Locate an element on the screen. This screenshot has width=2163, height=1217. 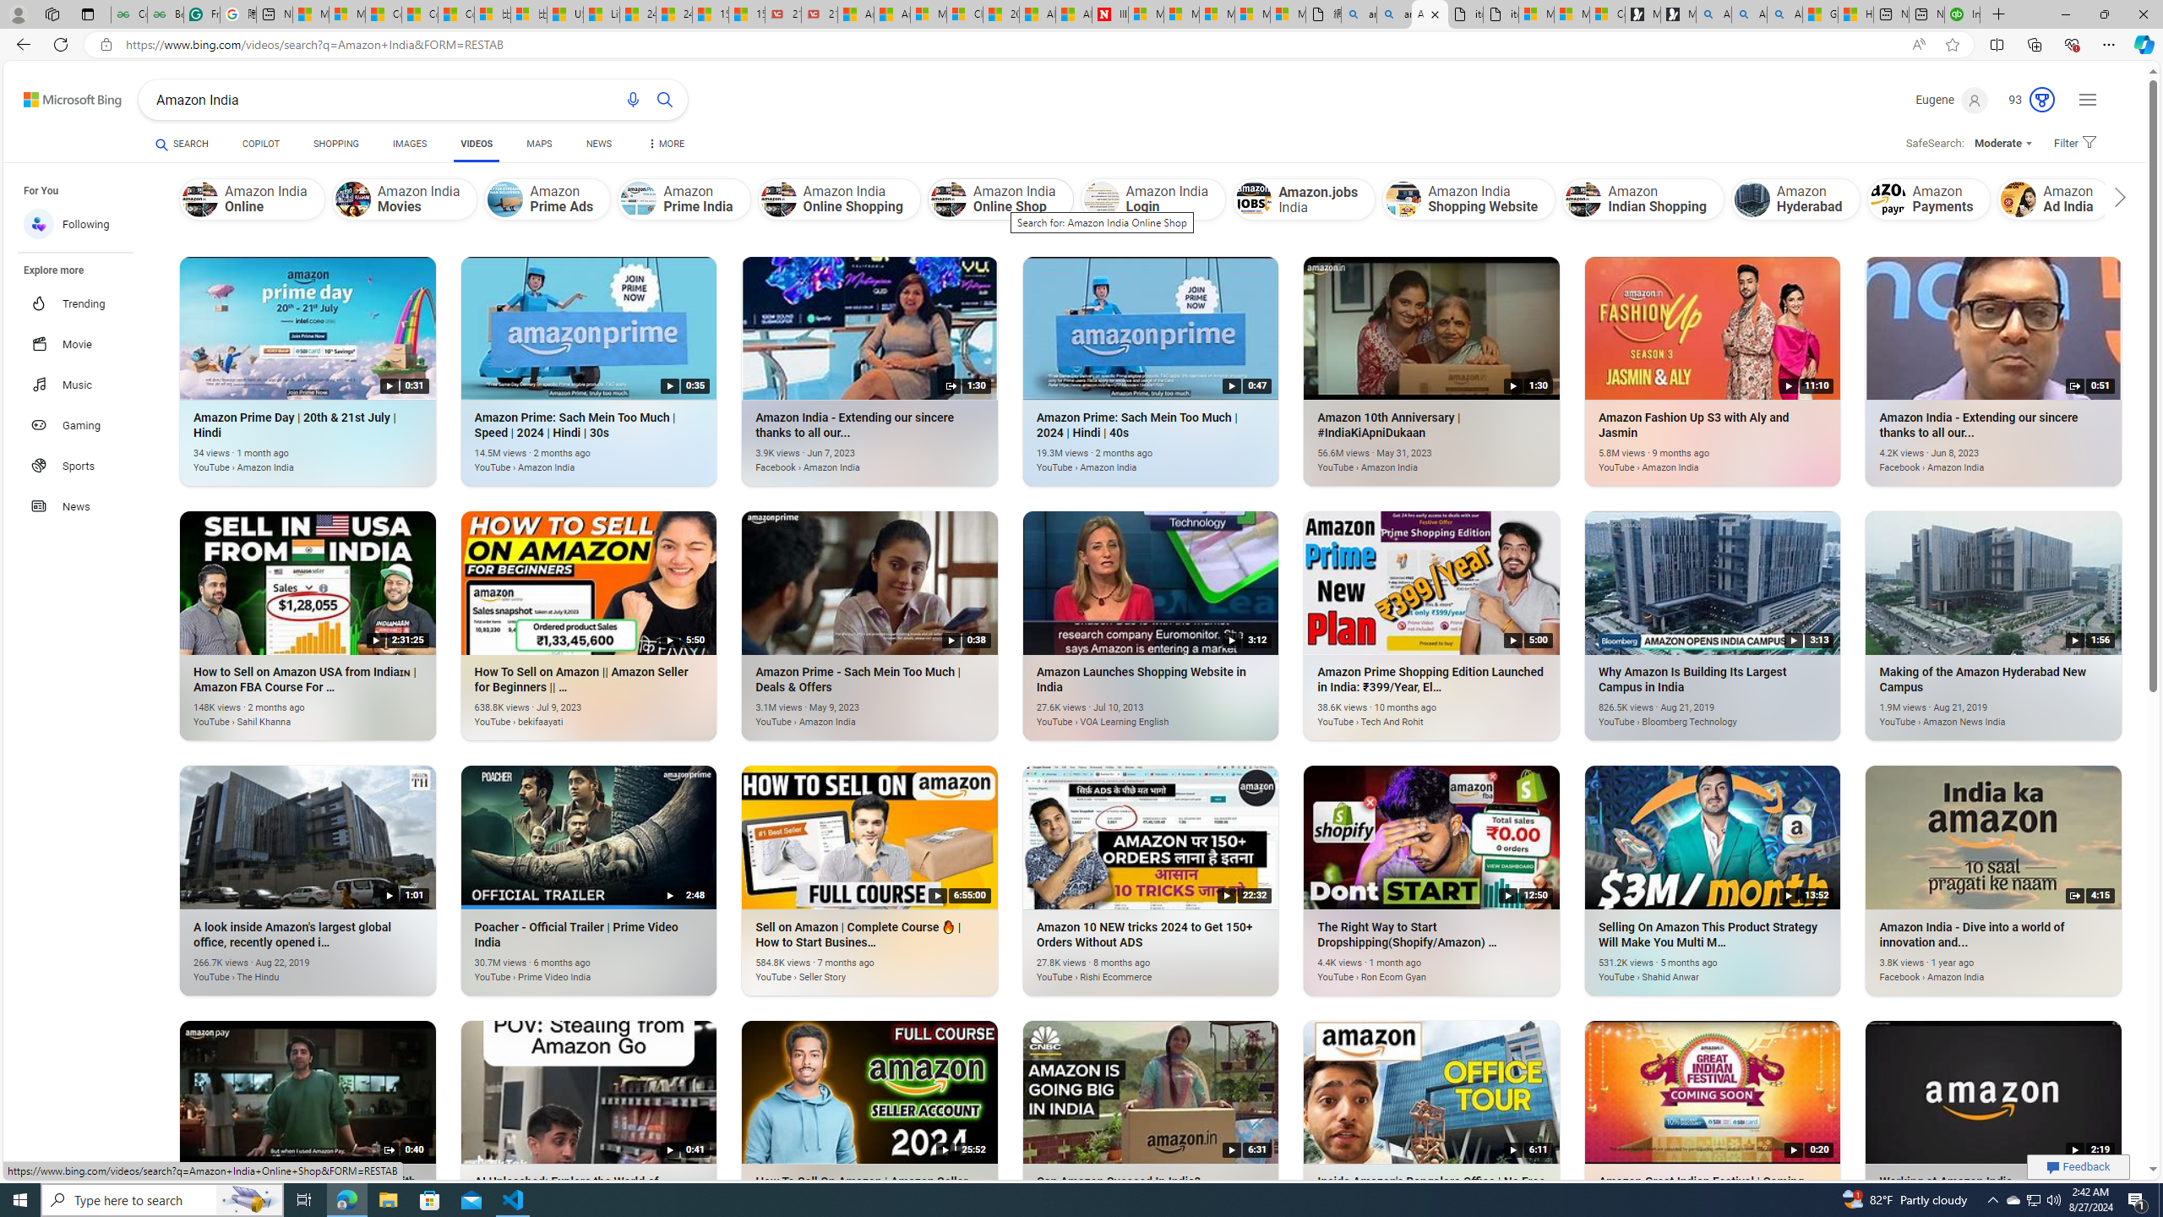
'NEWS' is located at coordinates (599, 143).